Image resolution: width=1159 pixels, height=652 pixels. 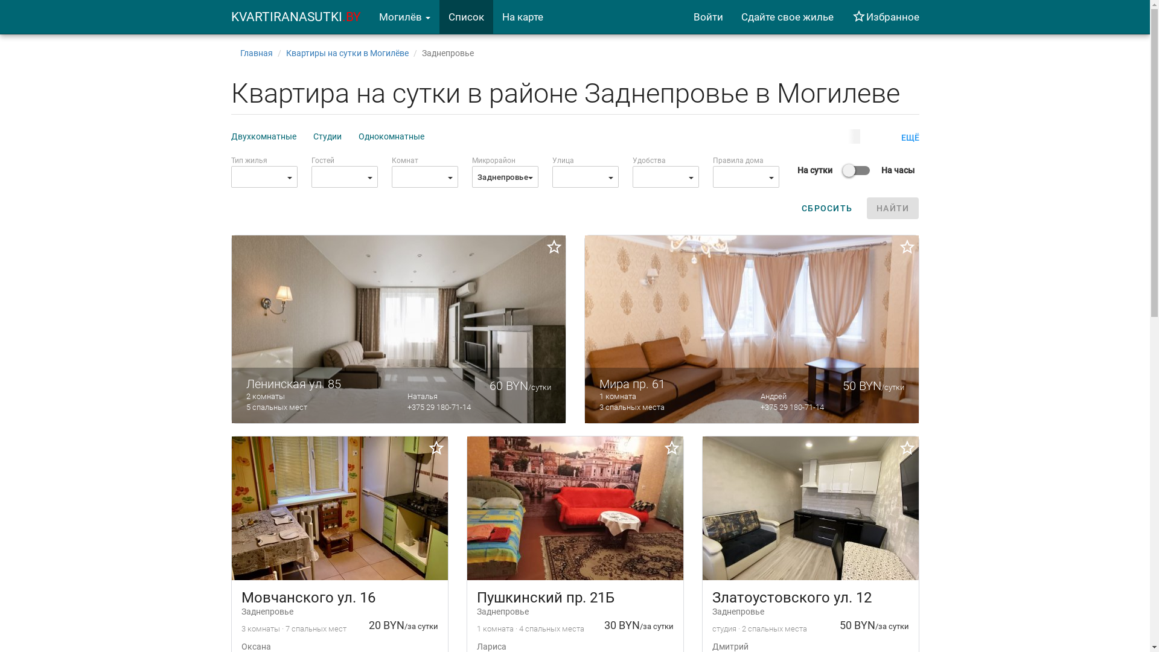 I want to click on 'KVARTIRANASUTKI.BY', so click(x=222, y=16).